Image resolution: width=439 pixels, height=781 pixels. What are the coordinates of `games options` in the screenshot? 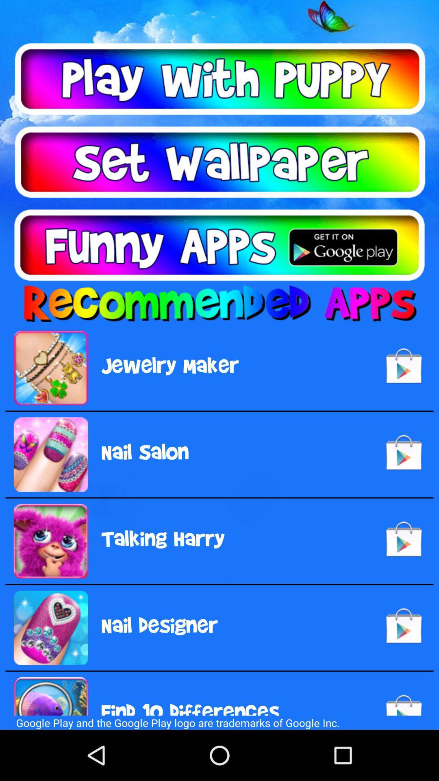 It's located at (219, 79).